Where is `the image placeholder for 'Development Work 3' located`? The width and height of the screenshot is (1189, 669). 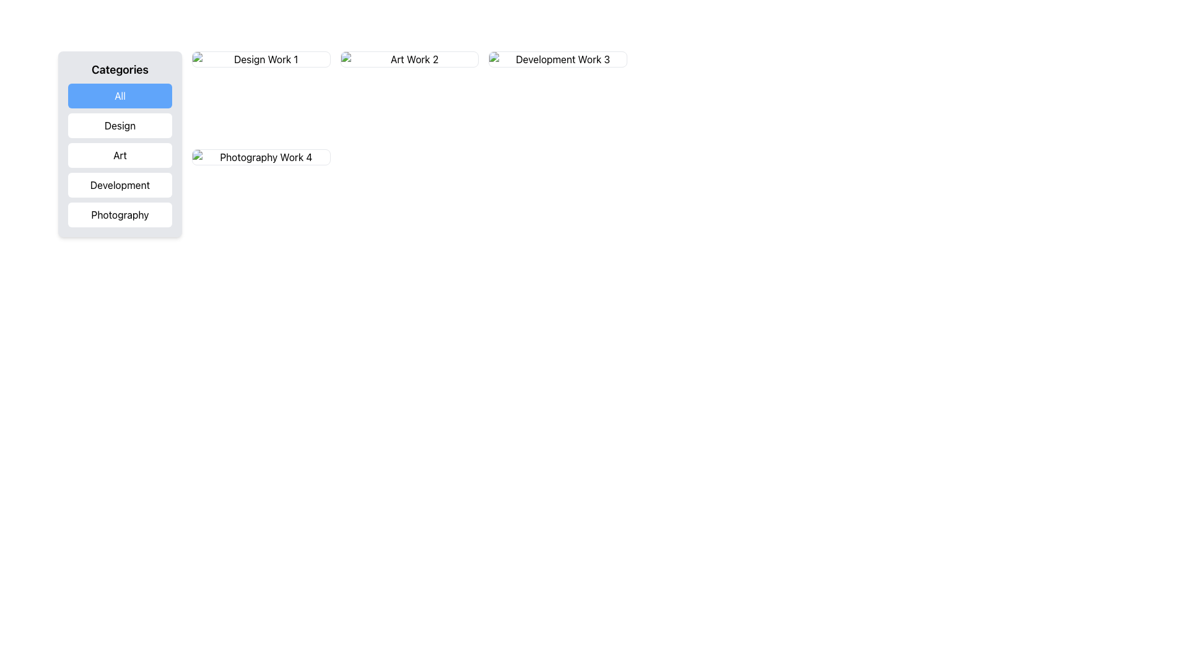
the image placeholder for 'Development Work 3' located is located at coordinates (557, 59).